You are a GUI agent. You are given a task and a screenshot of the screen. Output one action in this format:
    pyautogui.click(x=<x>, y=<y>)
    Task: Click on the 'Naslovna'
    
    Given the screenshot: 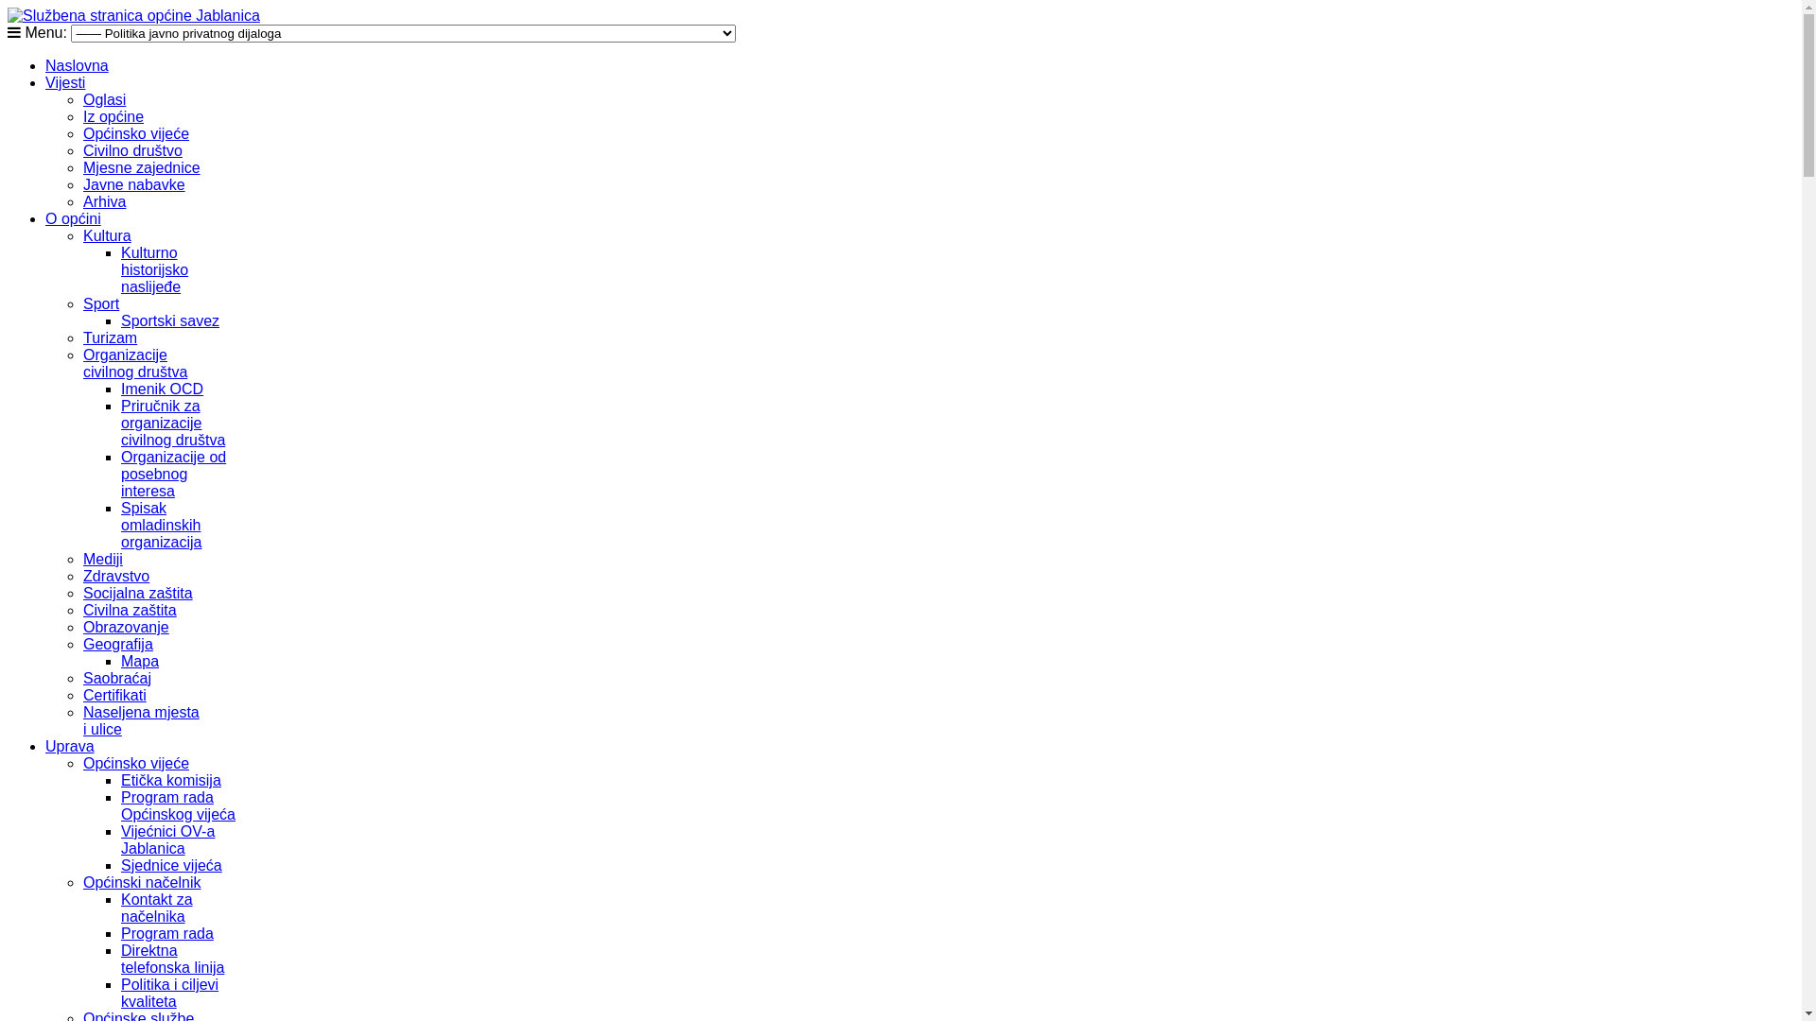 What is the action you would take?
    pyautogui.click(x=45, y=64)
    